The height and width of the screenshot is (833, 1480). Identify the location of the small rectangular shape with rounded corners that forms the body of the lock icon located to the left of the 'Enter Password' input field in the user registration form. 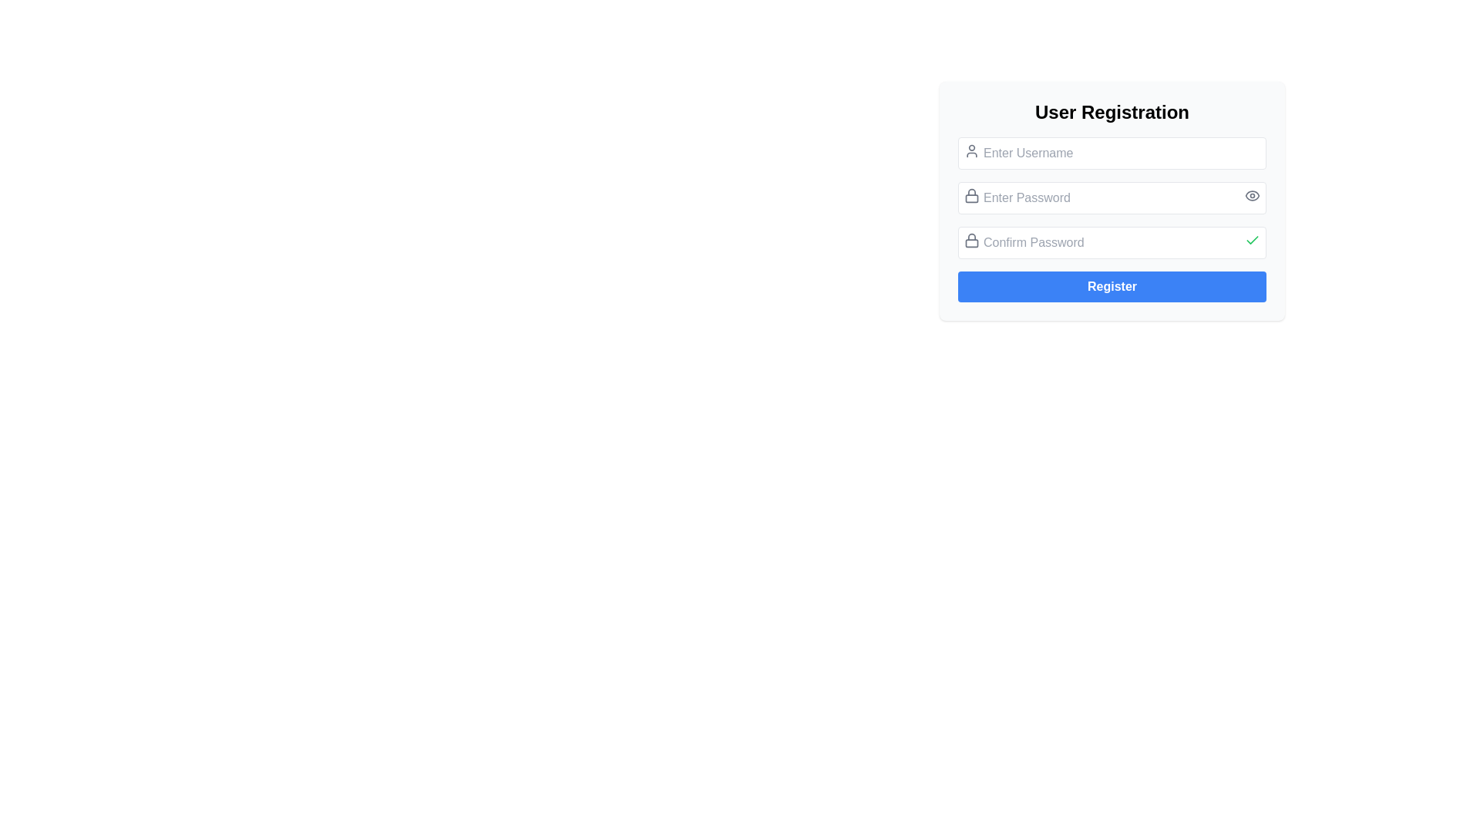
(971, 197).